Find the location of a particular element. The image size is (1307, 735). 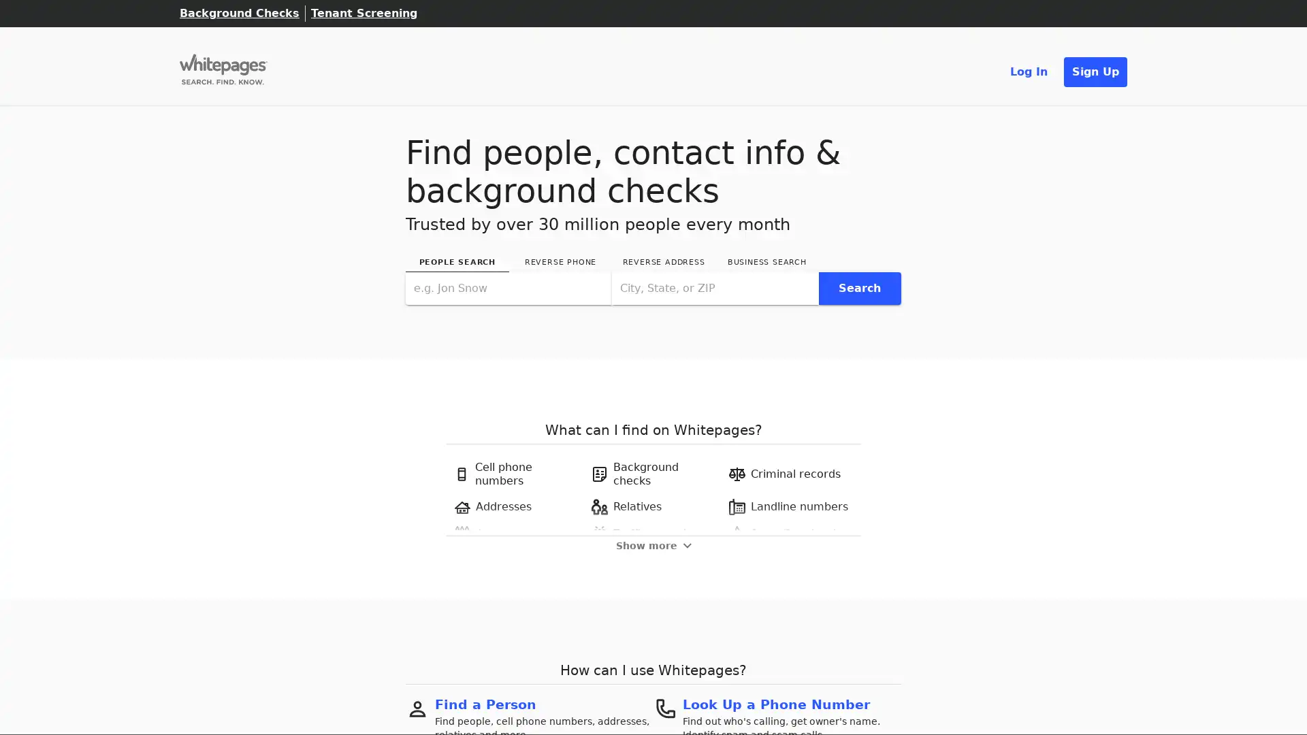

Search is located at coordinates (858, 287).